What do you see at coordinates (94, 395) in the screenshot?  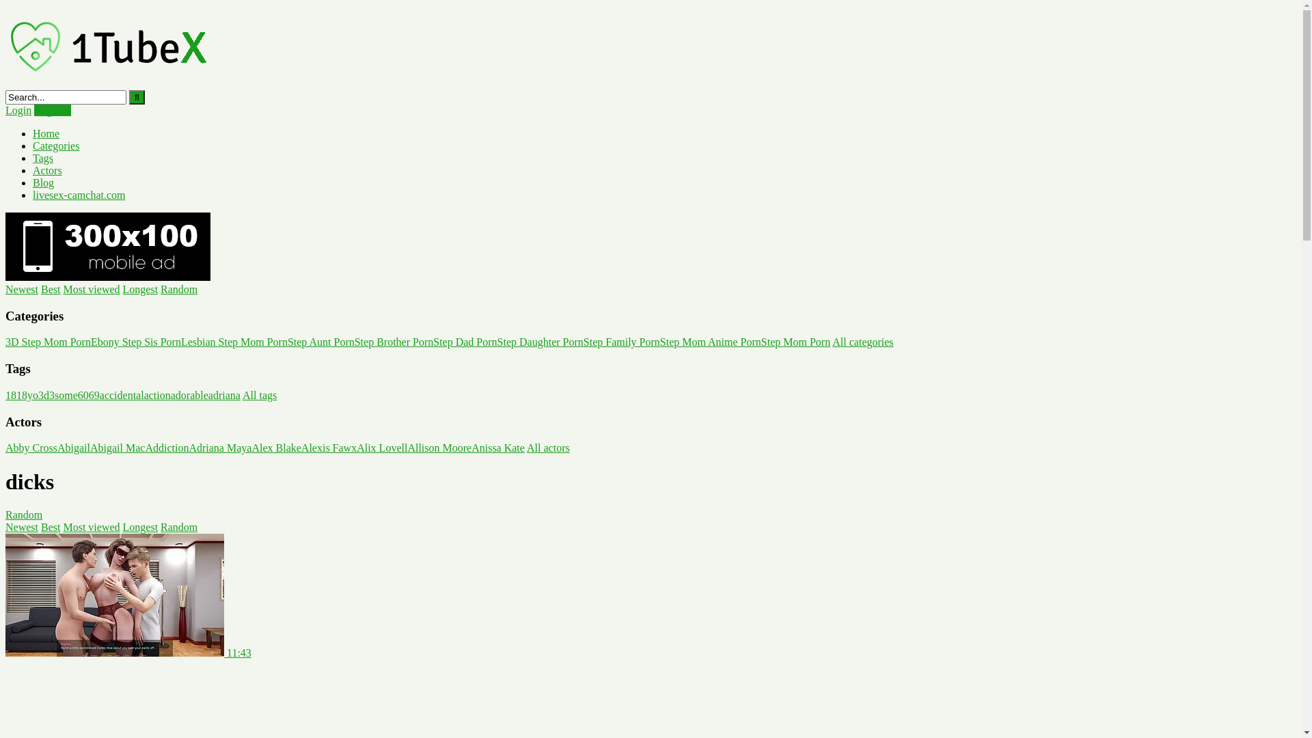 I see `'69'` at bounding box center [94, 395].